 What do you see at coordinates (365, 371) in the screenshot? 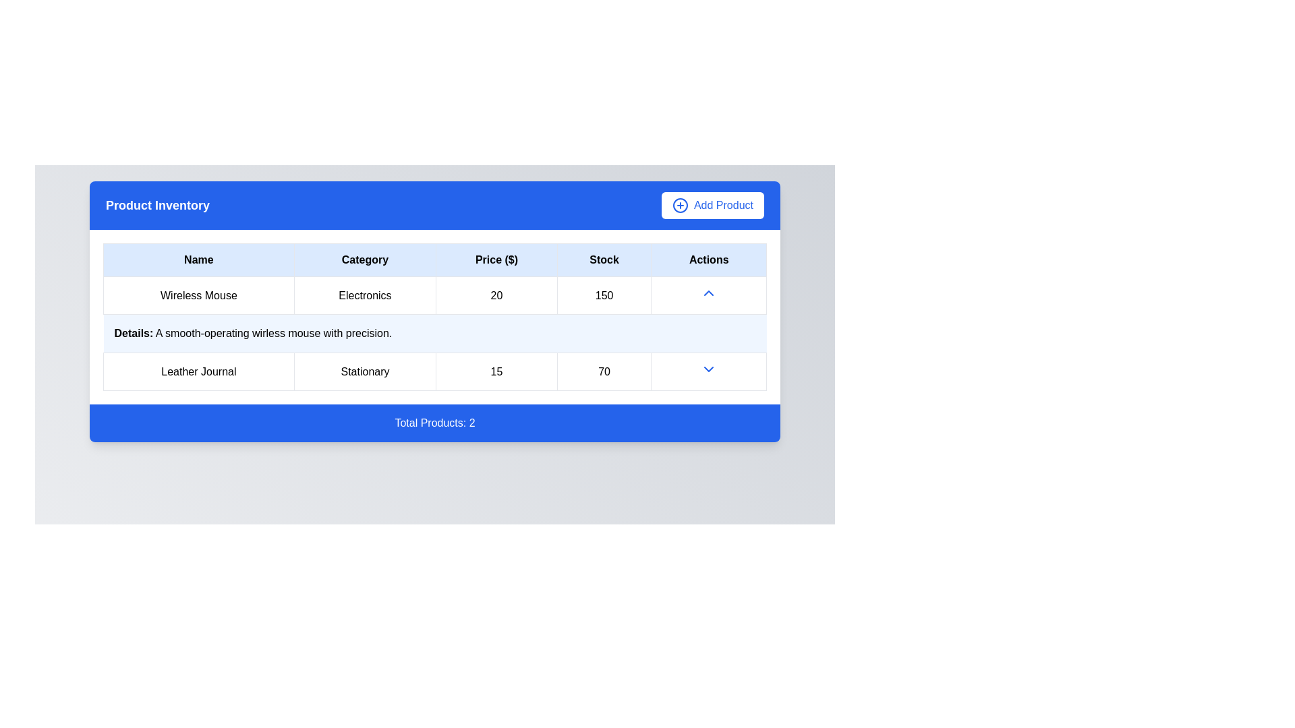
I see `the Text display element that serves as a categorical label for the associated item in the grid, located as the second cell in the row following 'Leather Journal' and preceding '15'` at bounding box center [365, 371].